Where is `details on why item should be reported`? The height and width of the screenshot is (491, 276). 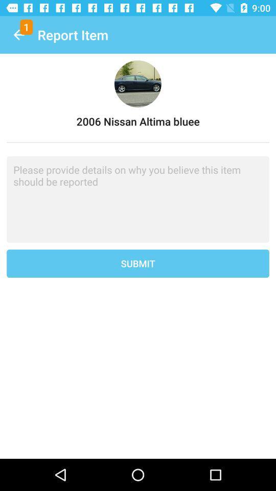 details on why item should be reported is located at coordinates (138, 199).